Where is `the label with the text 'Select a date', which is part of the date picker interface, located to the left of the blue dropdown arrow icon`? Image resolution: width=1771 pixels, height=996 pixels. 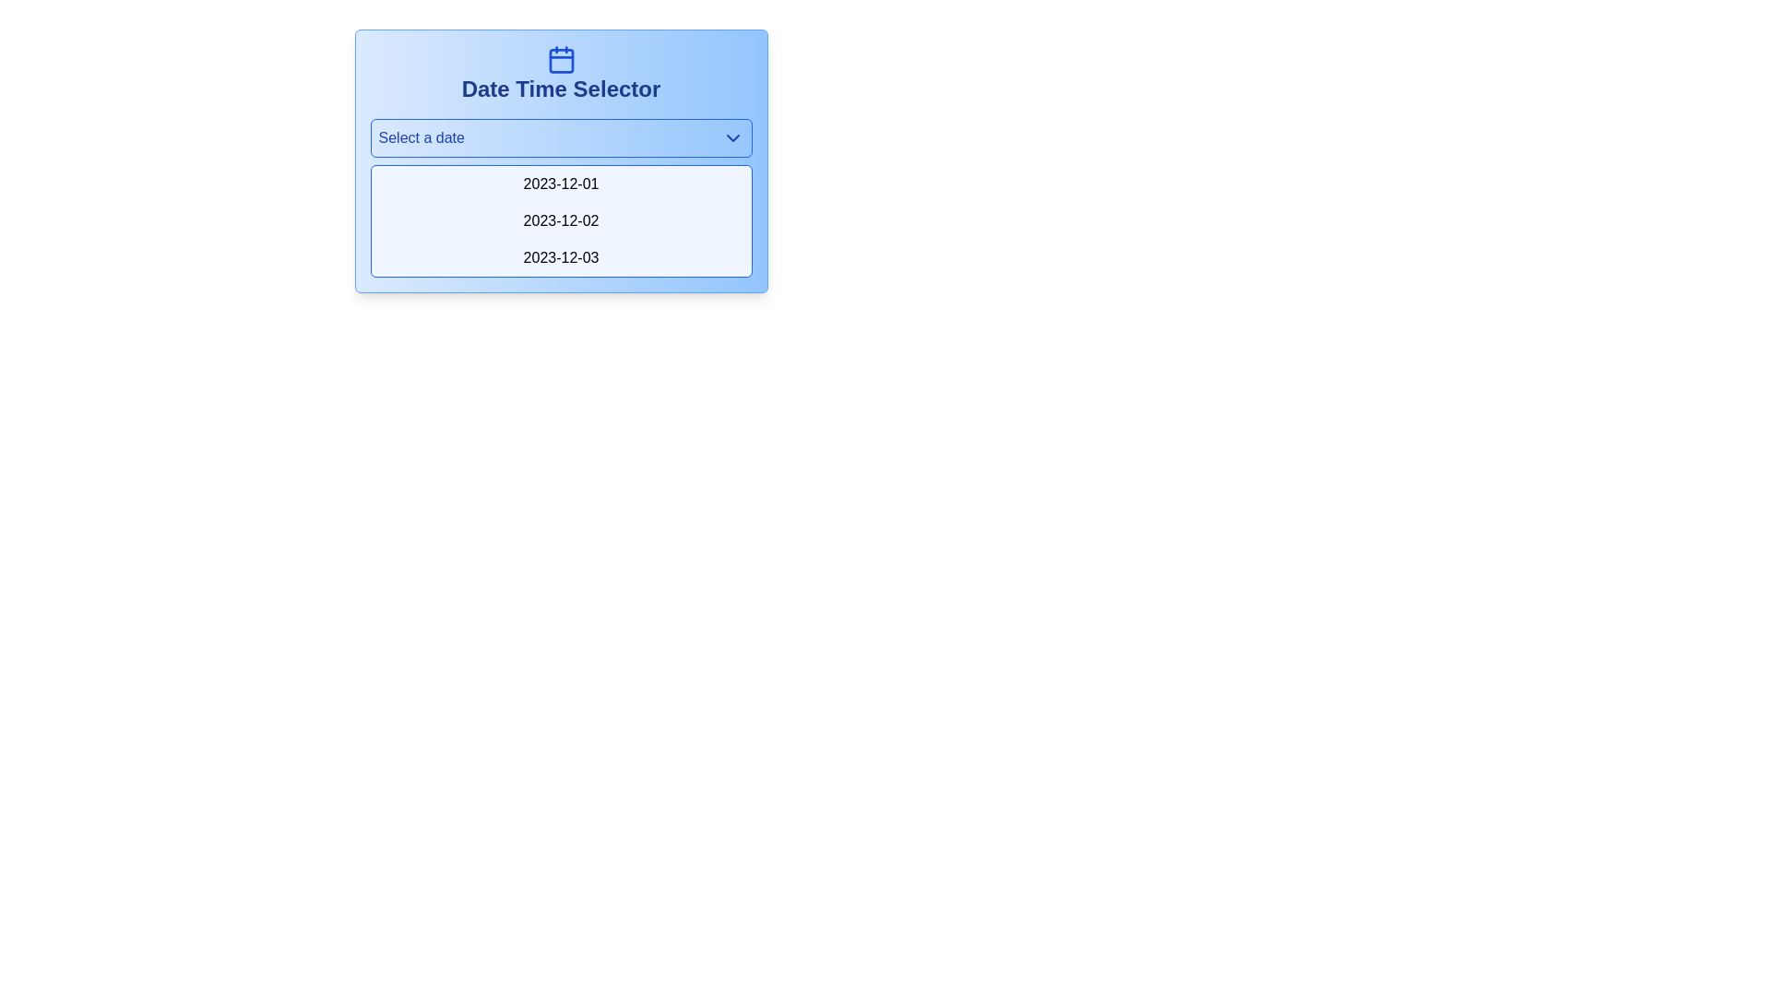
the label with the text 'Select a date', which is part of the date picker interface, located to the left of the blue dropdown arrow icon is located at coordinates (421, 137).